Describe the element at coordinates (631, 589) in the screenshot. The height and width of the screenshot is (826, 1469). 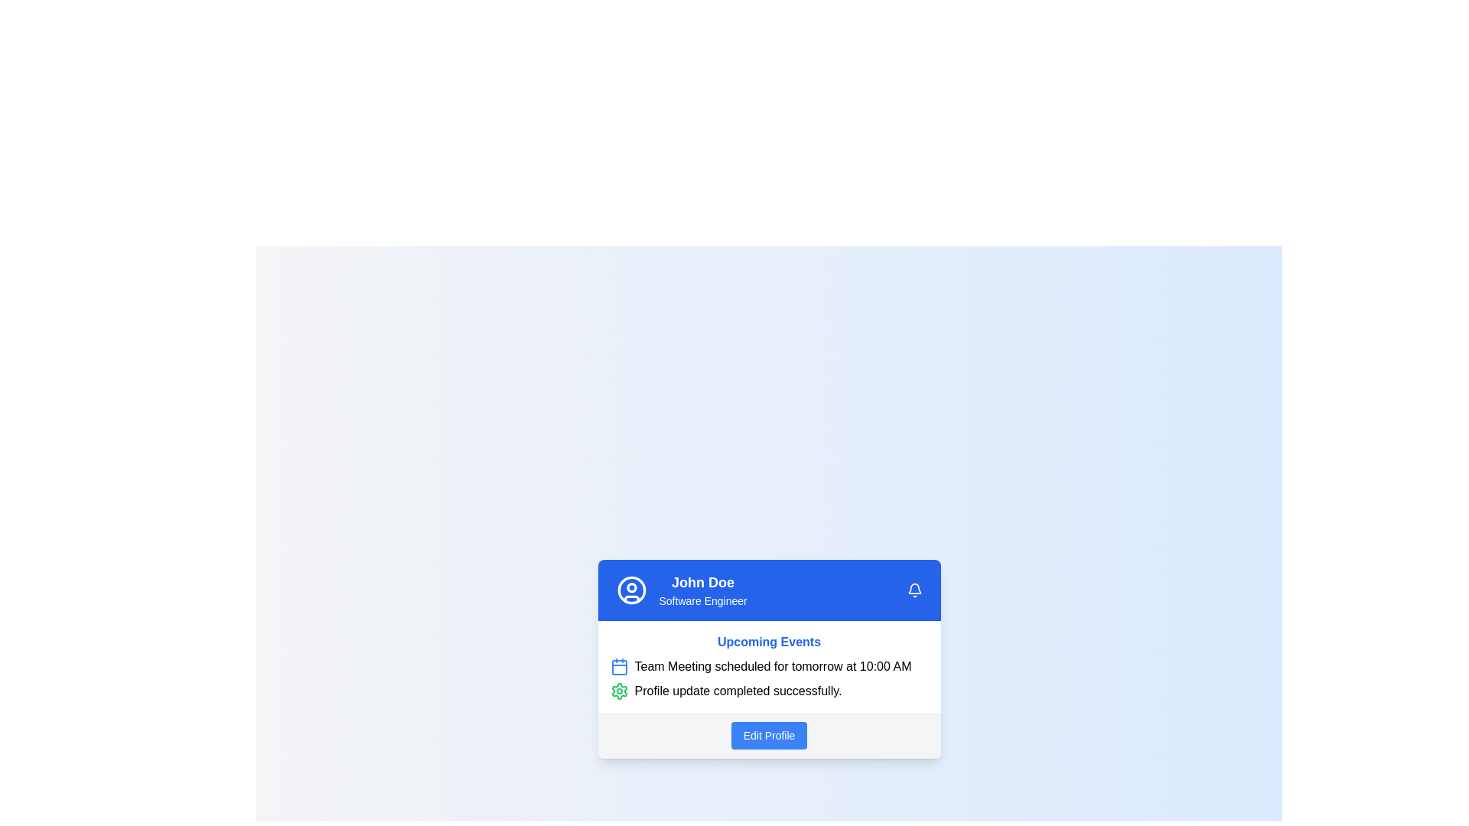
I see `the user/avatar icon located in the header of the card displaying 'John Doe' as the user name and 'Software Engineer' as the title` at that location.